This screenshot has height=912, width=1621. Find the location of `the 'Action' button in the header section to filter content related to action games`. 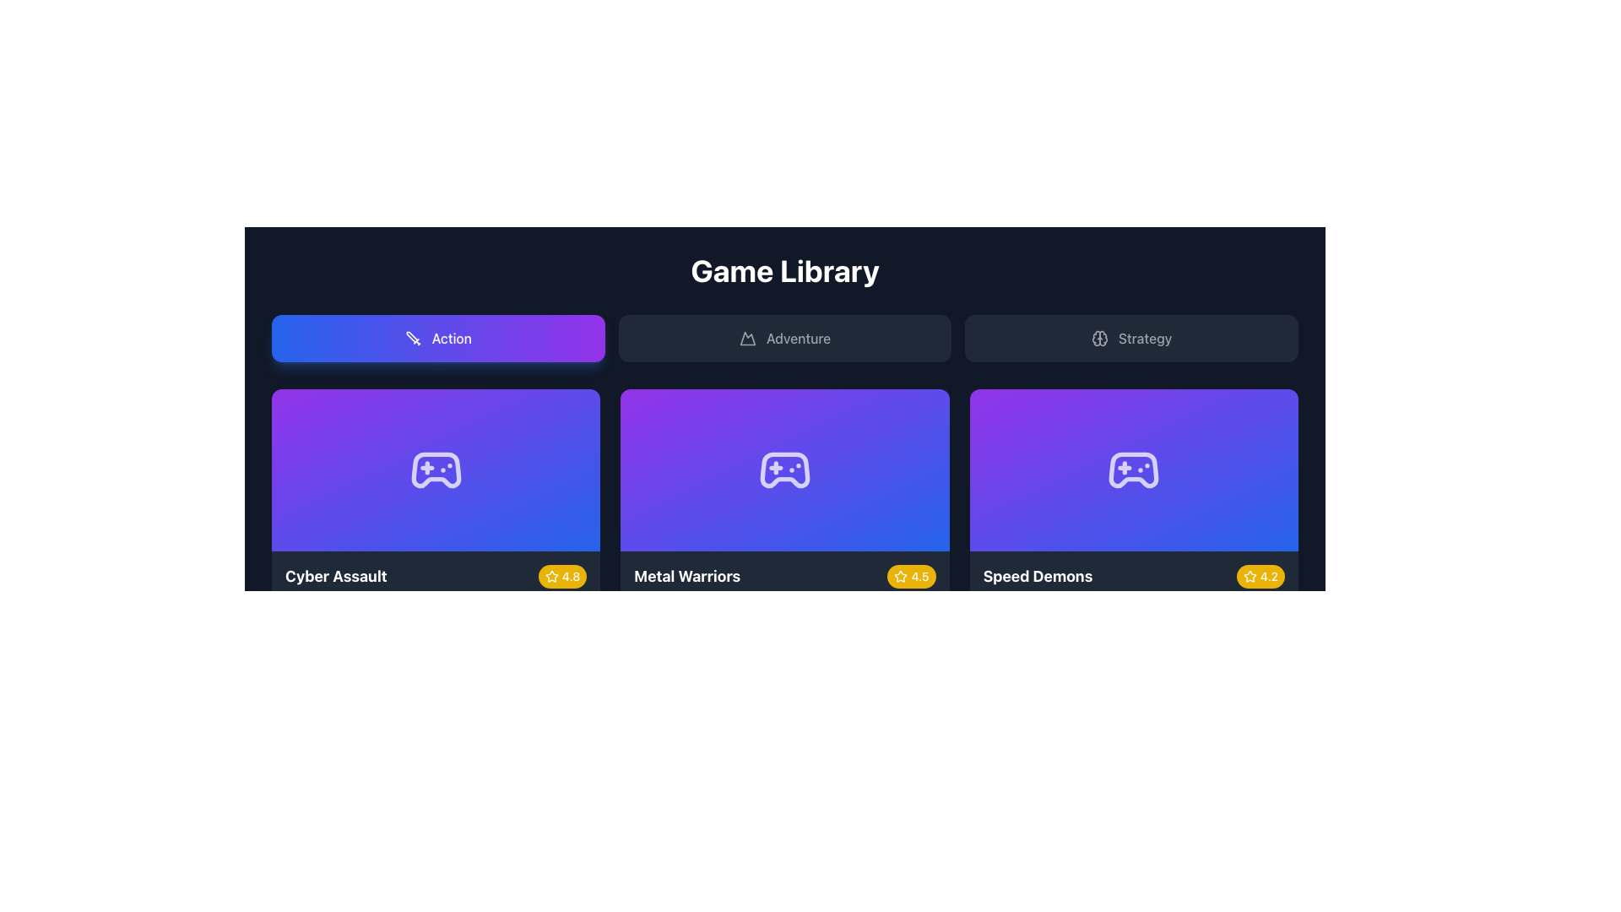

the 'Action' button in the header section to filter content related to action games is located at coordinates (437, 339).